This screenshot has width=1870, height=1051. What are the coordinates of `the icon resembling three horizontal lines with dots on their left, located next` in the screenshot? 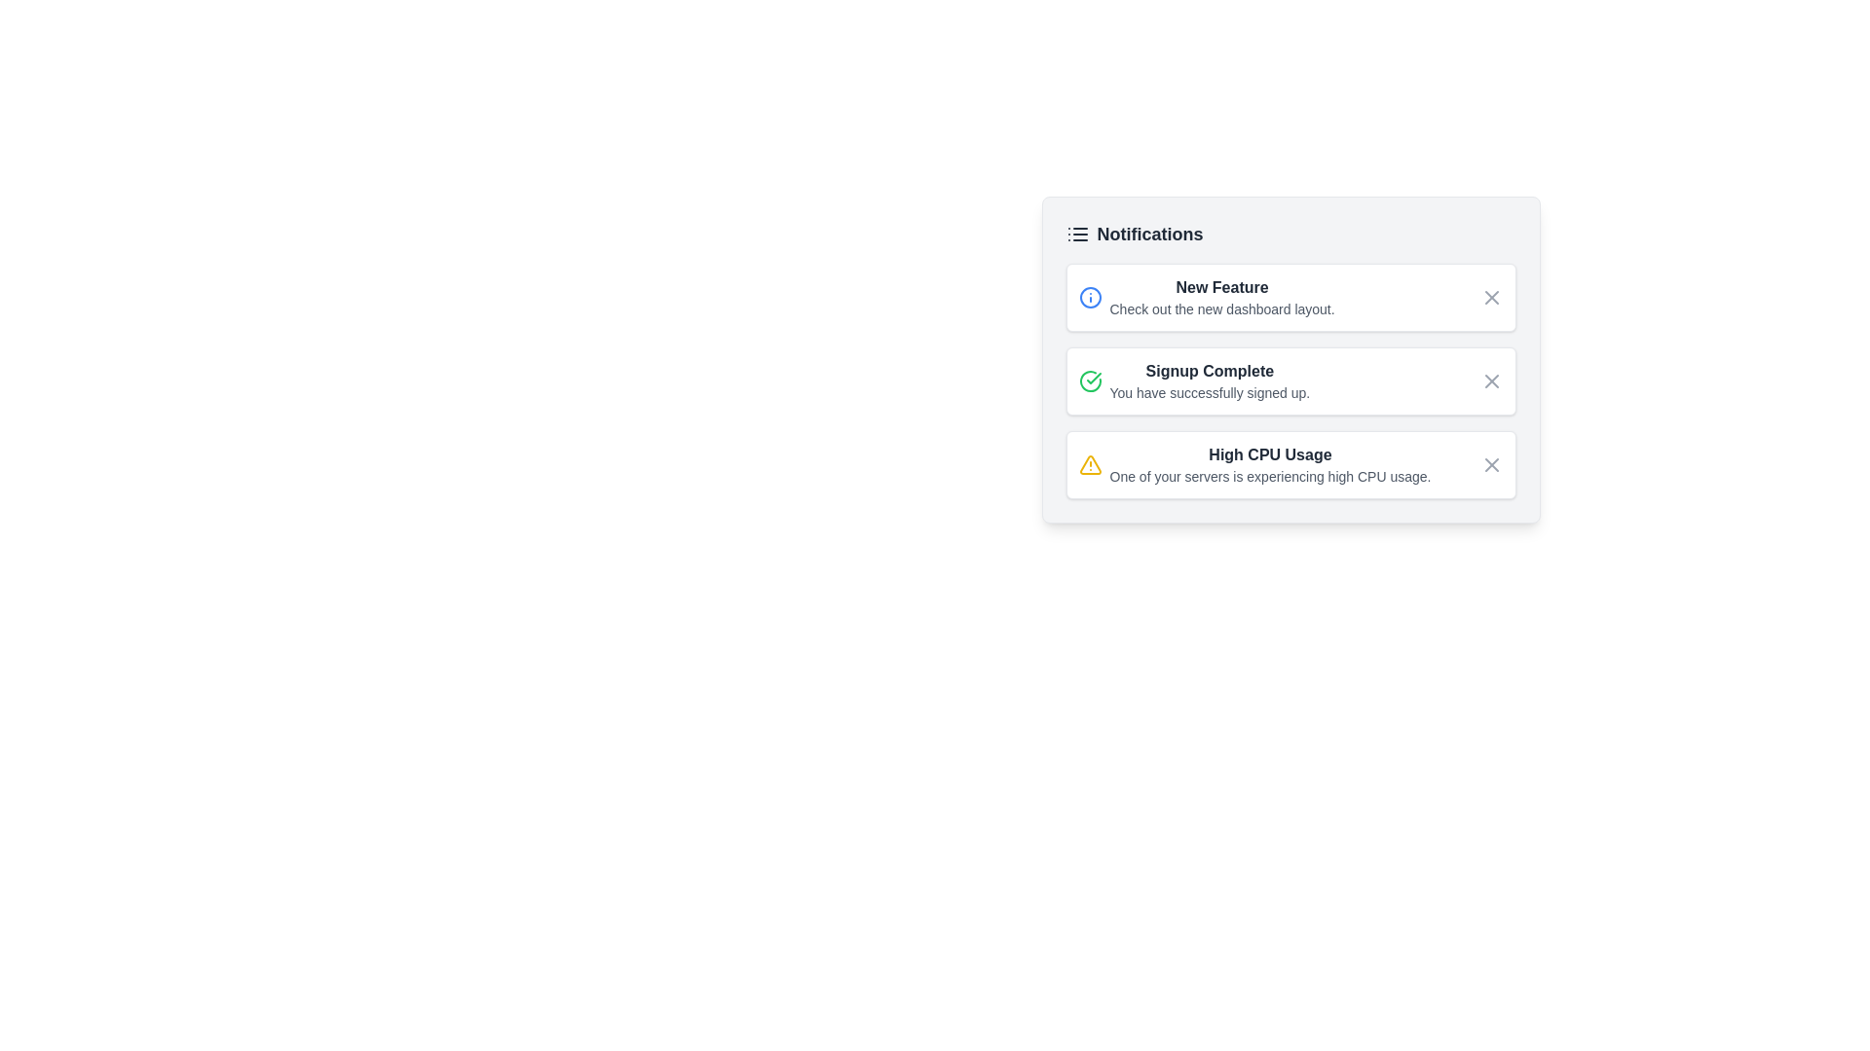 It's located at (1076, 233).